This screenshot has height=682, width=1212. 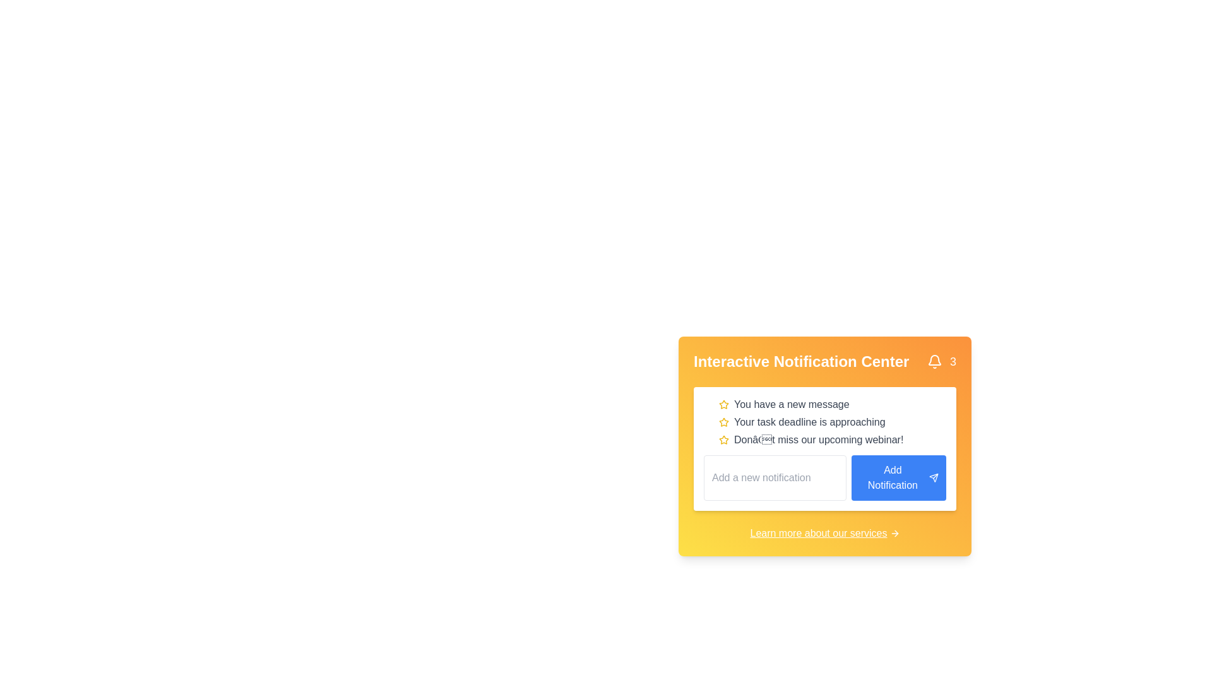 I want to click on the hyperlink located at the bottom center of the rectangular card with a gradient orange background, so click(x=824, y=533).